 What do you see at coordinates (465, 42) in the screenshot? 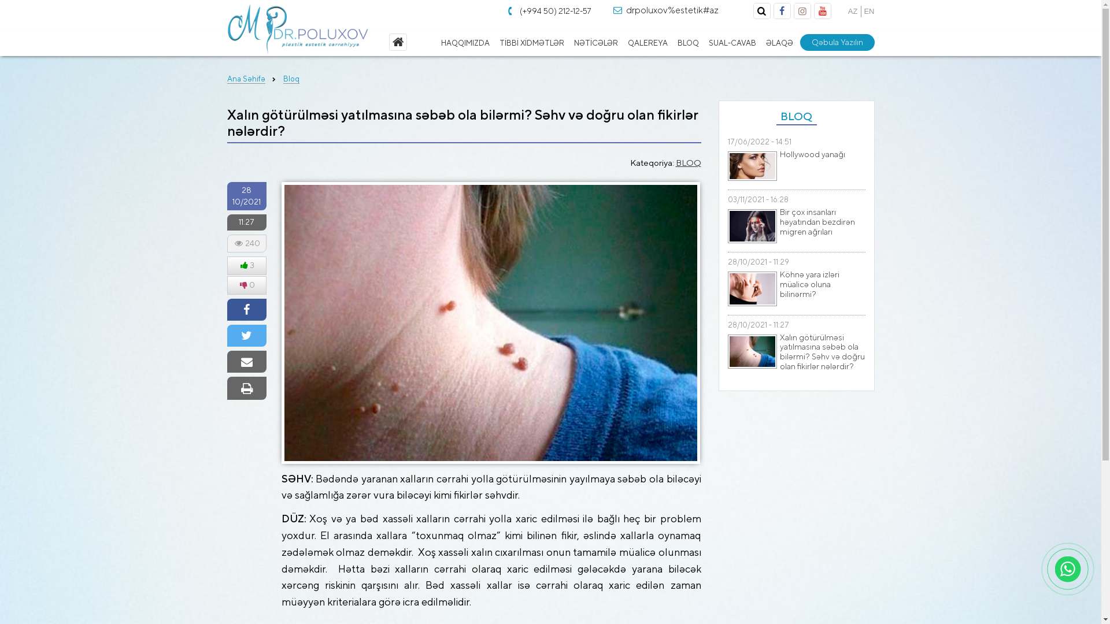
I see `'HAQQIMIZDA'` at bounding box center [465, 42].